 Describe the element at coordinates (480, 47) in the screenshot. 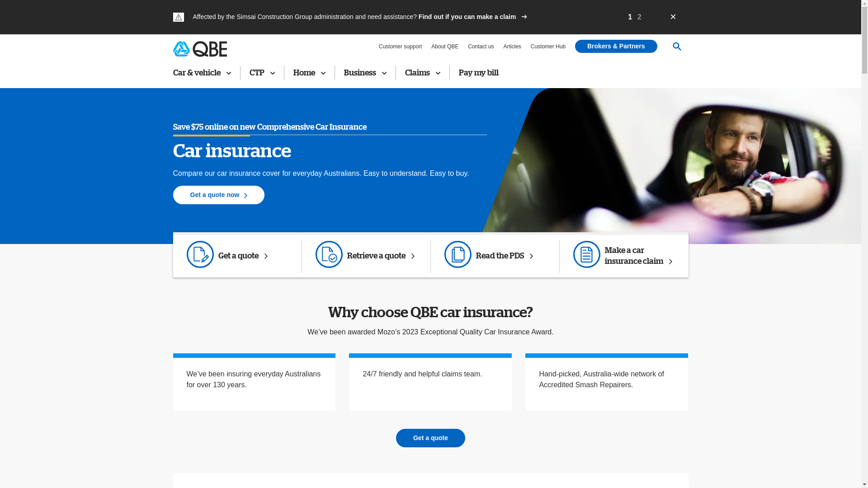

I see `'Contact us'` at that location.